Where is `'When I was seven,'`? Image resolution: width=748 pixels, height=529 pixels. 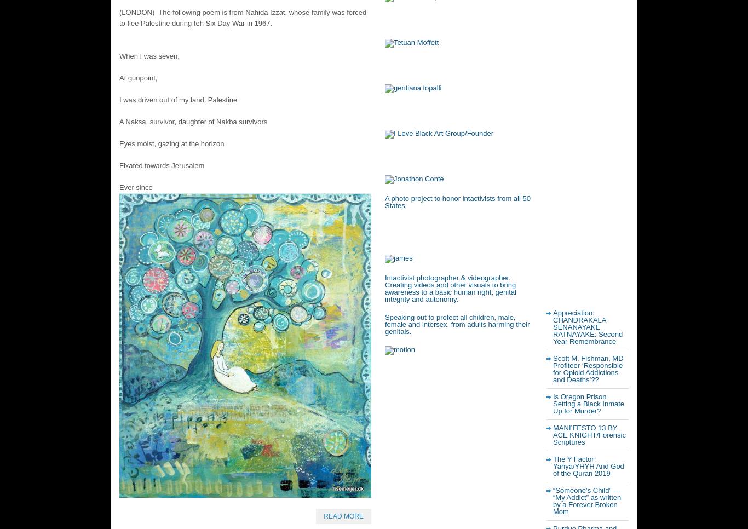
'When I was seven,' is located at coordinates (149, 55).